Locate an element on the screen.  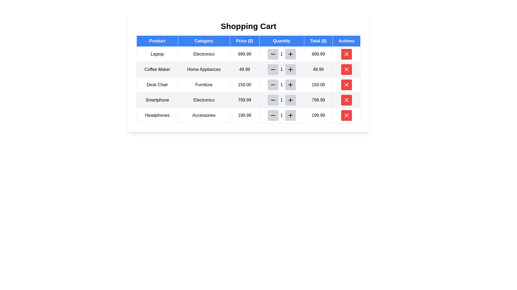
the Close/Delete button represented by an 'X' icon within a red rounded rectangle in the Actions column of the Coffee Maker item is located at coordinates (346, 69).